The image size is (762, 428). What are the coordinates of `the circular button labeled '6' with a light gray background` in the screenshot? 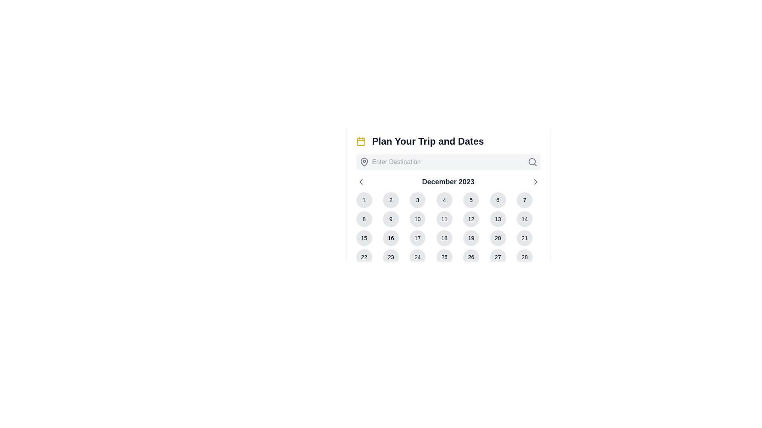 It's located at (497, 200).